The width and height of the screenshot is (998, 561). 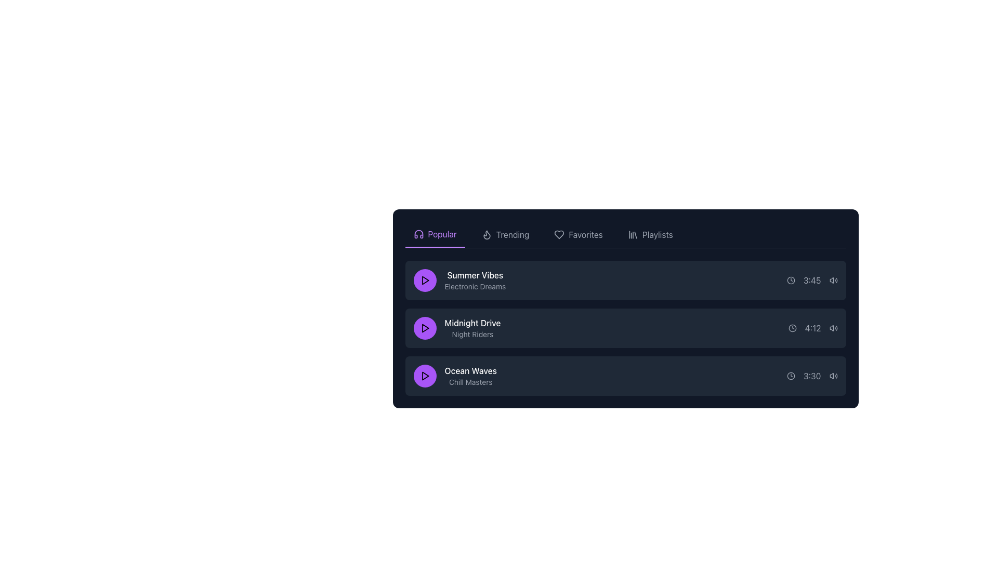 What do you see at coordinates (513, 234) in the screenshot?
I see `the 'Trending' text label, which indicates a section for trending content and is positioned immediately to the right of a flame icon` at bounding box center [513, 234].